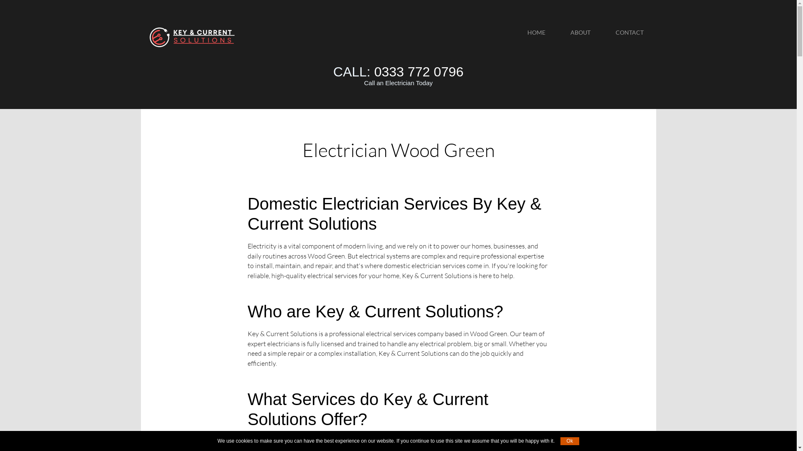 The image size is (803, 451). What do you see at coordinates (569, 441) in the screenshot?
I see `'Ok'` at bounding box center [569, 441].